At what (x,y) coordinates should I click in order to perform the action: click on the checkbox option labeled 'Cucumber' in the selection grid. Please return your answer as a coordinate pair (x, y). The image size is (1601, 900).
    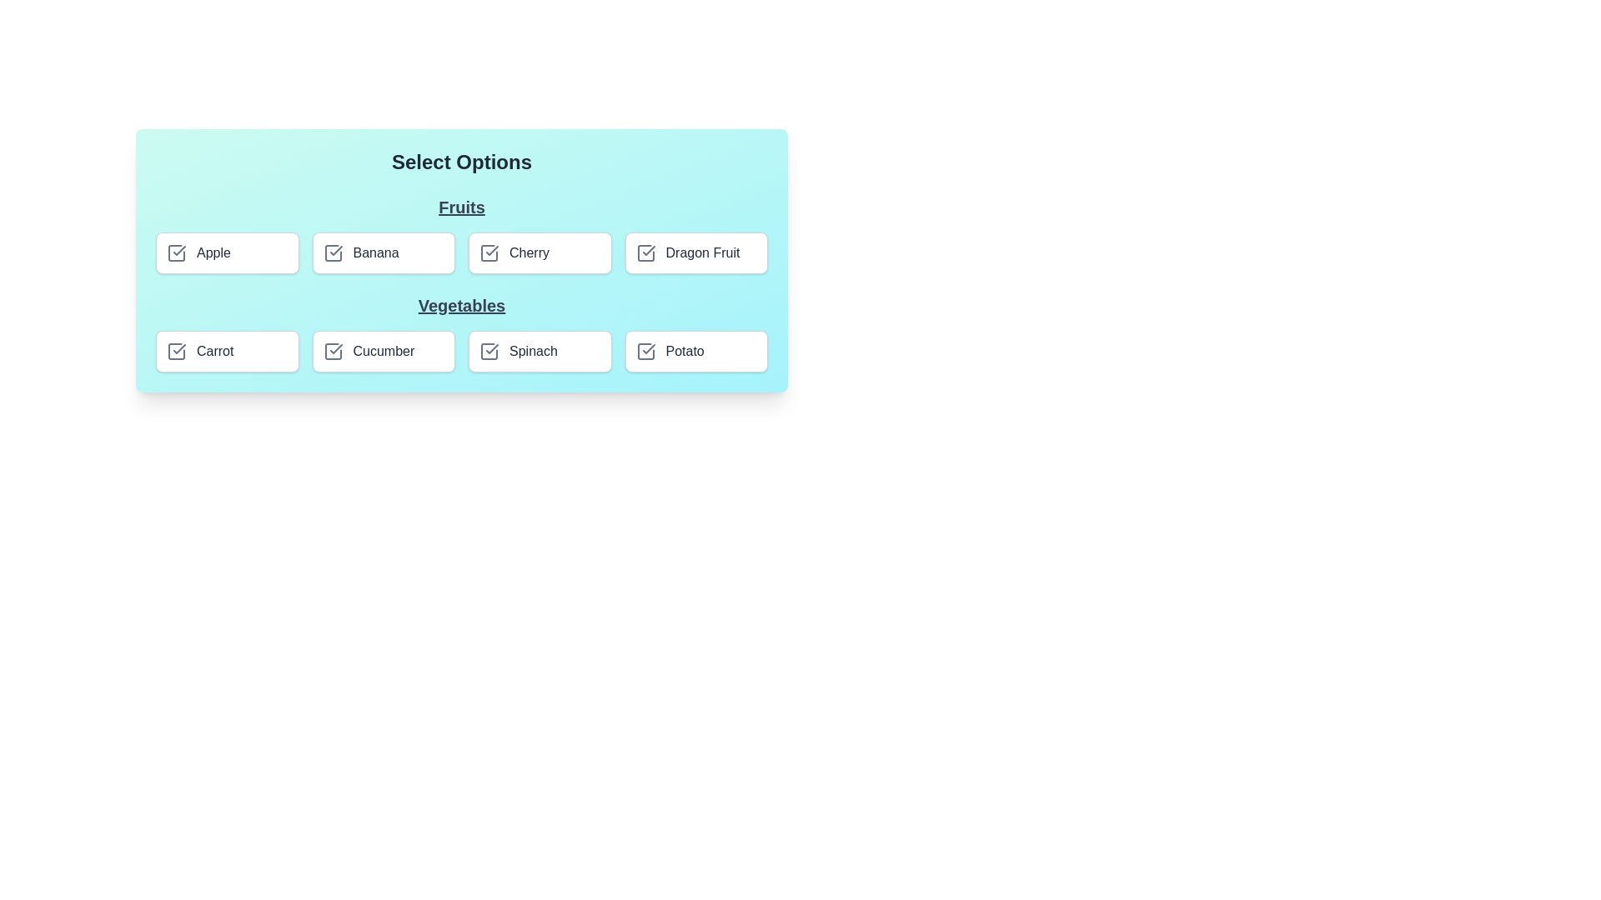
    Looking at the image, I should click on (383, 350).